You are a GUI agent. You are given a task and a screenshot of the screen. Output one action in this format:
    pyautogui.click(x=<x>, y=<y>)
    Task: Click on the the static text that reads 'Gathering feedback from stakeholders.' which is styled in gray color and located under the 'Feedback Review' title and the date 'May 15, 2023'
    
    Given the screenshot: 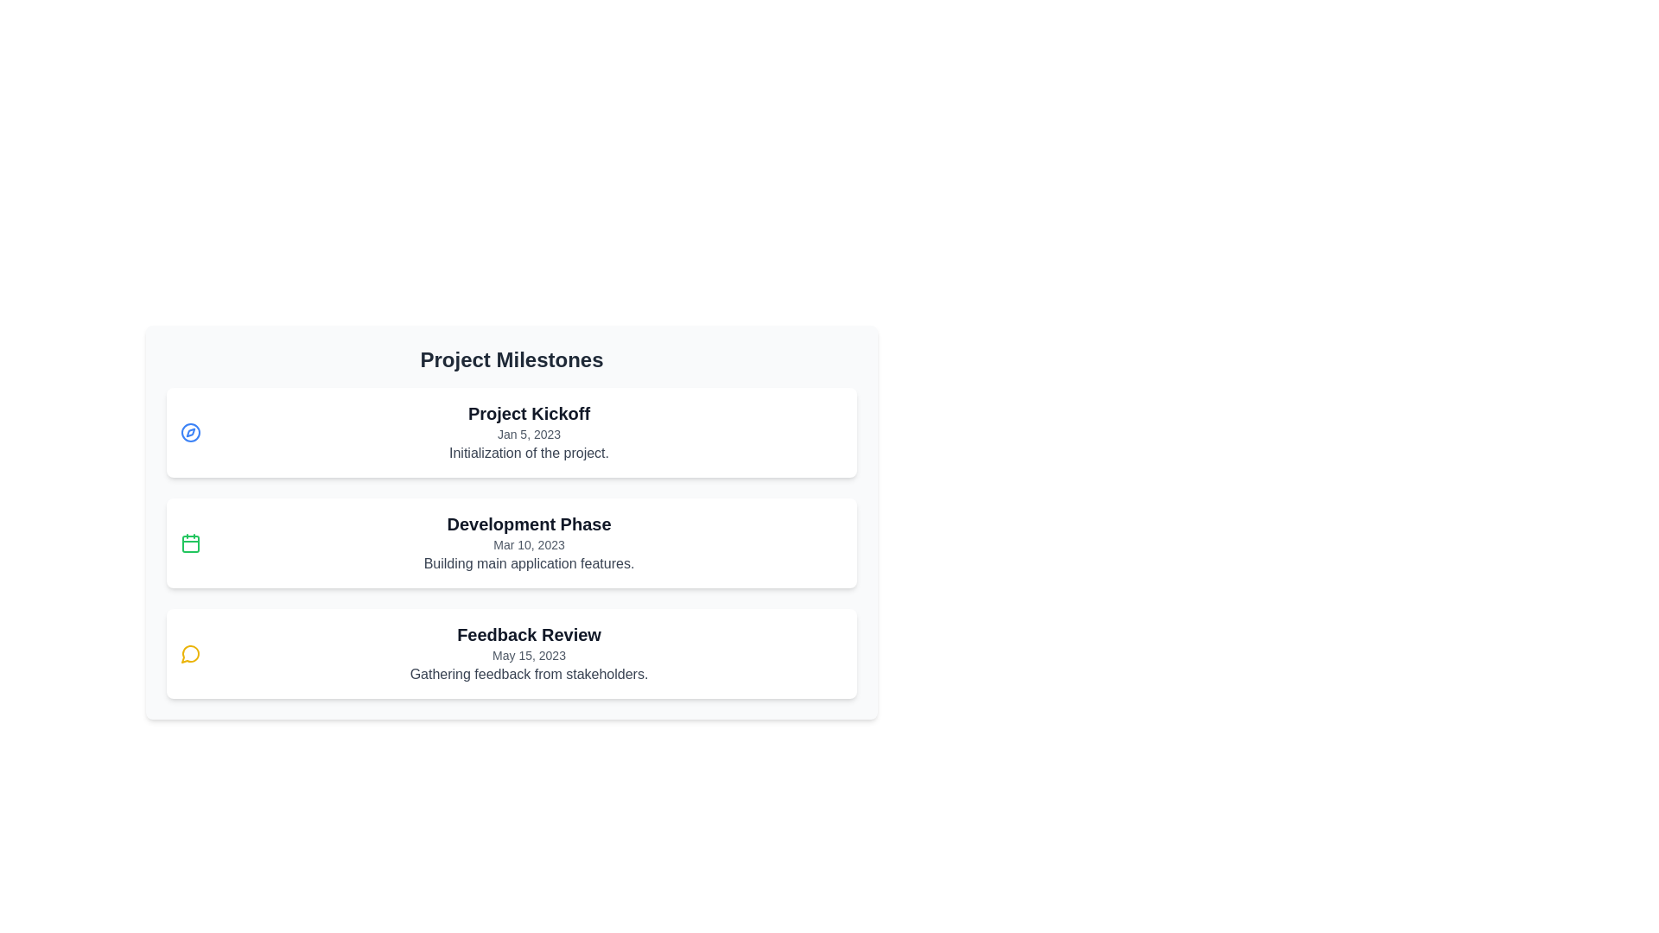 What is the action you would take?
    pyautogui.click(x=528, y=673)
    